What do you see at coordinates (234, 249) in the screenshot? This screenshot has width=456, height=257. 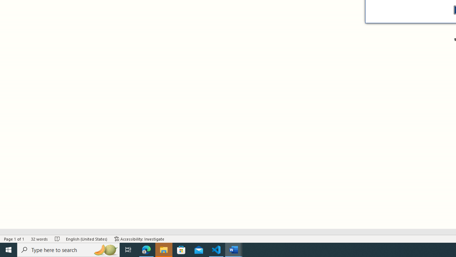 I see `'Word - 2 running windows'` at bounding box center [234, 249].